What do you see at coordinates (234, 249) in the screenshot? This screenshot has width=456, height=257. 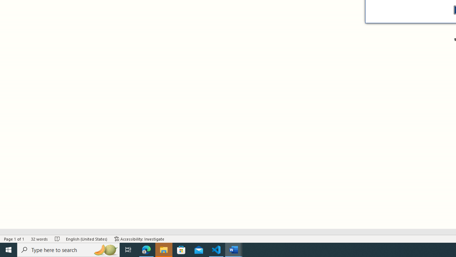 I see `'Word - 2 running windows'` at bounding box center [234, 249].